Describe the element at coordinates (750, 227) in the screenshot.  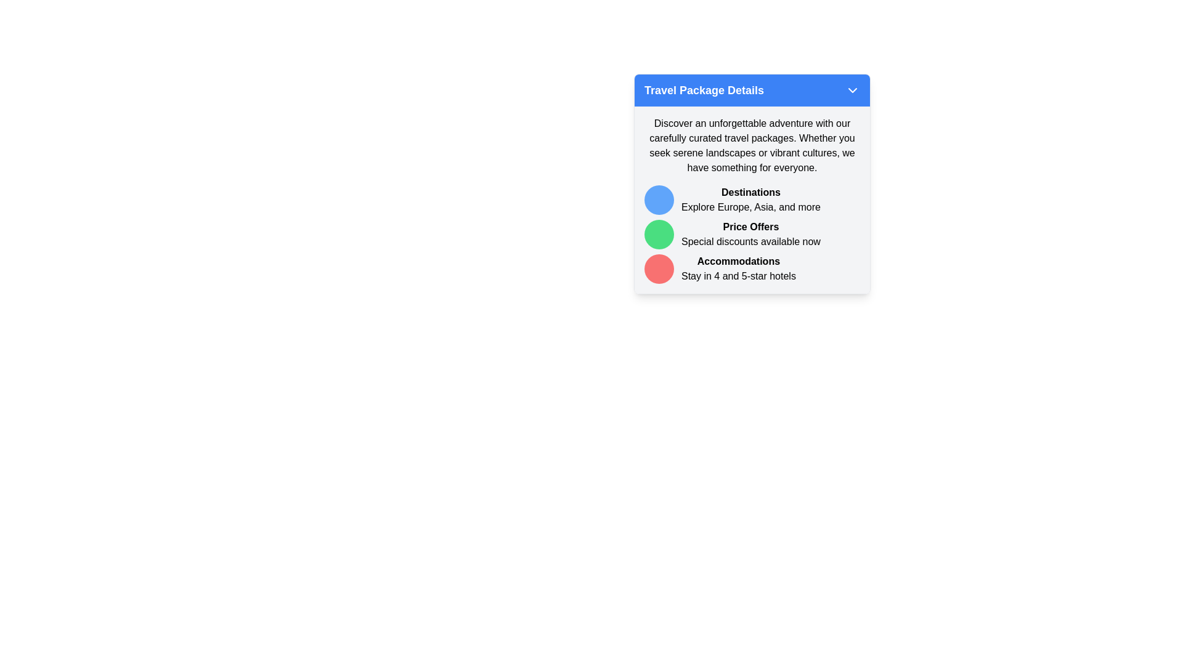
I see `the bolded text label element reading 'Price Offers' that is positioned within the 'Travel Package Details' section, located between 'Destinations' and 'Accommodations'` at that location.